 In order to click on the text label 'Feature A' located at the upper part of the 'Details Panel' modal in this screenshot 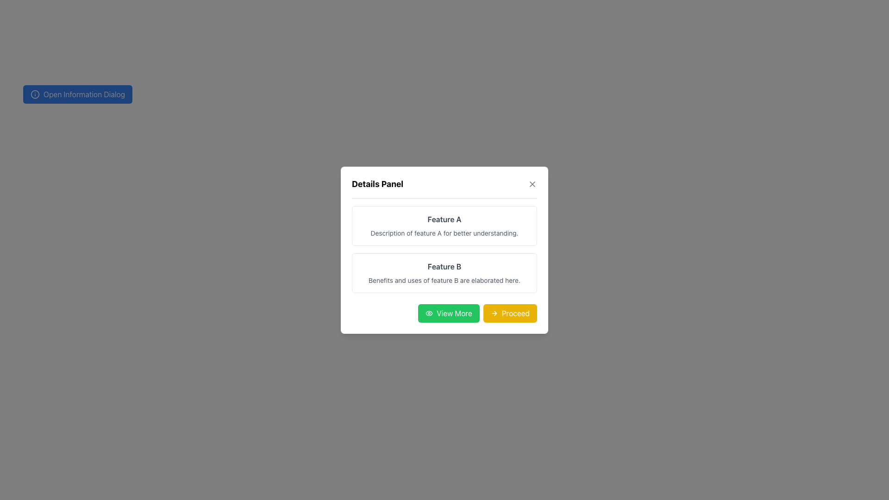, I will do `click(444, 219)`.